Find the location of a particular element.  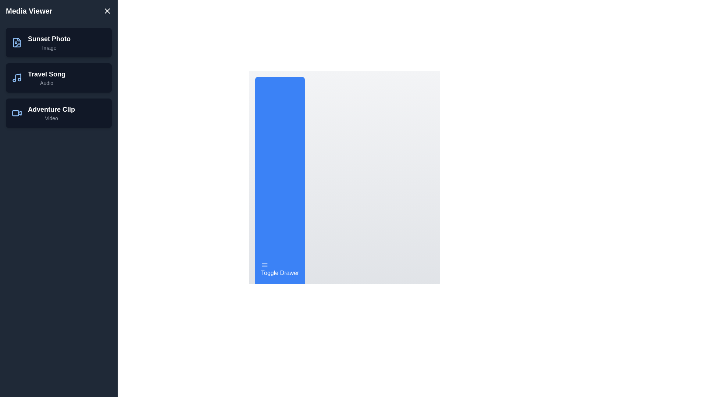

'Toggle Drawer' button to toggle the visibility of the media drawer is located at coordinates (279, 269).